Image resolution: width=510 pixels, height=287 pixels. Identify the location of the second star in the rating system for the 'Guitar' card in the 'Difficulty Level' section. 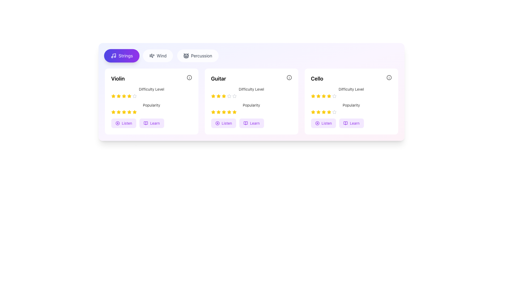
(218, 96).